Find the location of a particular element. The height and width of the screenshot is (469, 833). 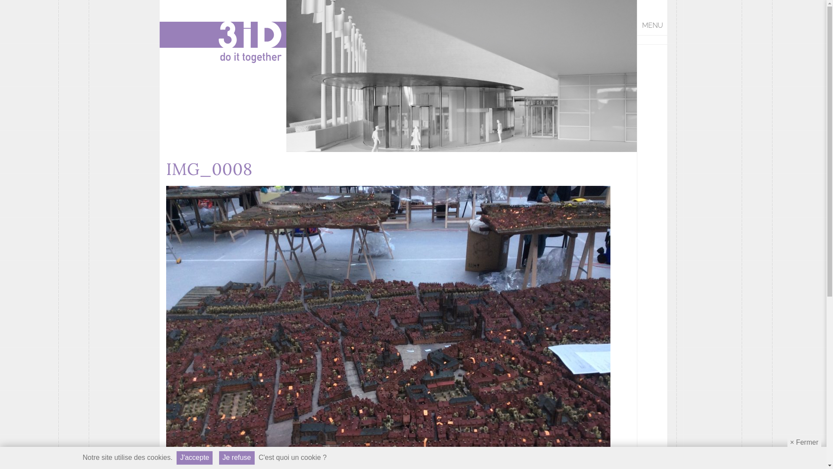

'C'est quoi un cookie ?' is located at coordinates (292, 457).